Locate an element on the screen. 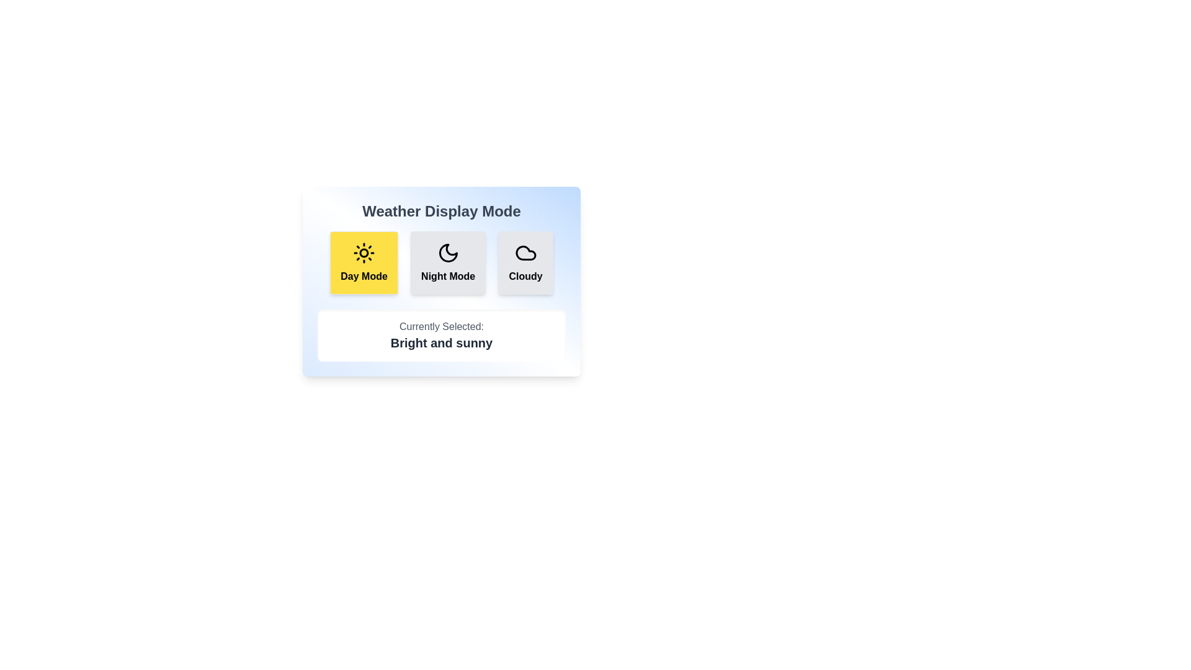  the weather display mode by clicking on the button corresponding to Cloudy is located at coordinates (525, 262).